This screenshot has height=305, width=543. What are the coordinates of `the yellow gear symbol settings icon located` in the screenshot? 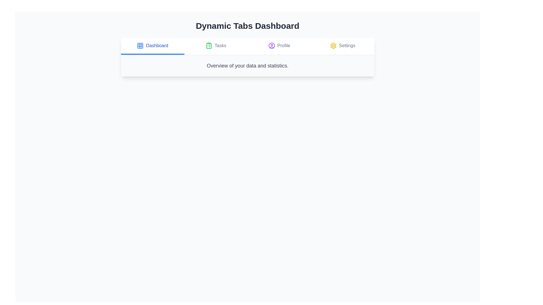 It's located at (333, 45).